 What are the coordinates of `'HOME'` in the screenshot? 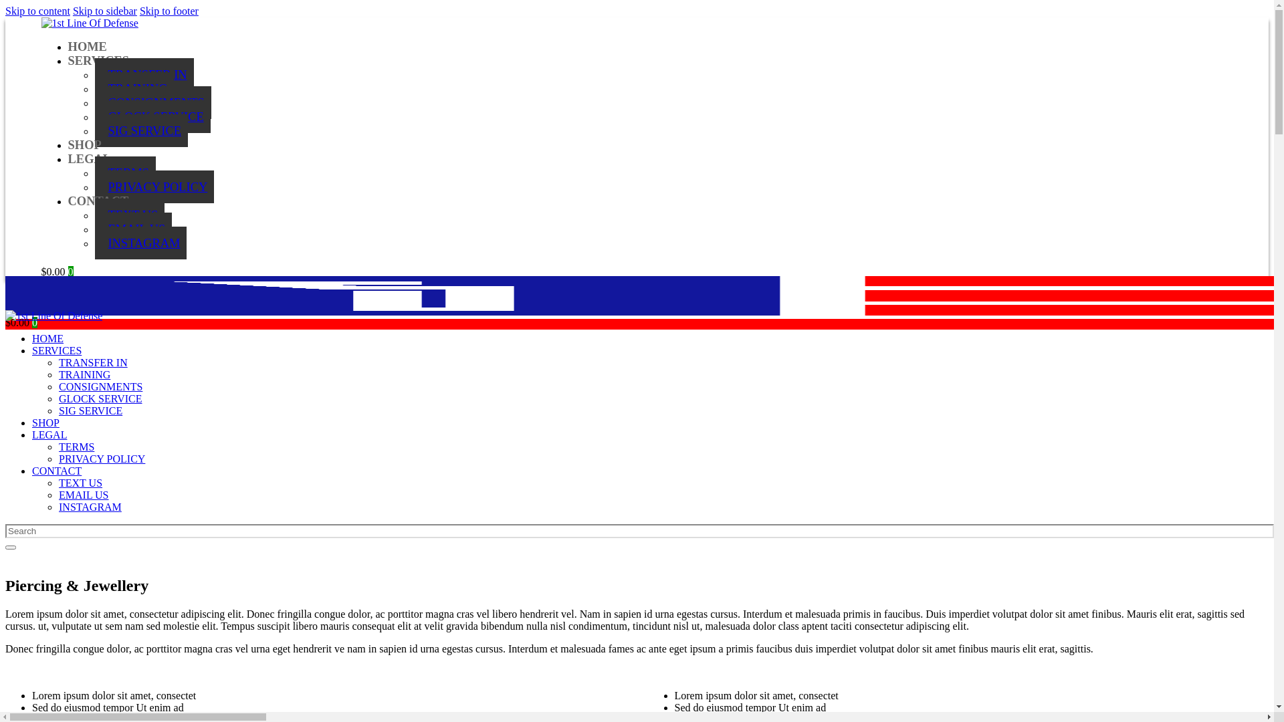 It's located at (47, 338).